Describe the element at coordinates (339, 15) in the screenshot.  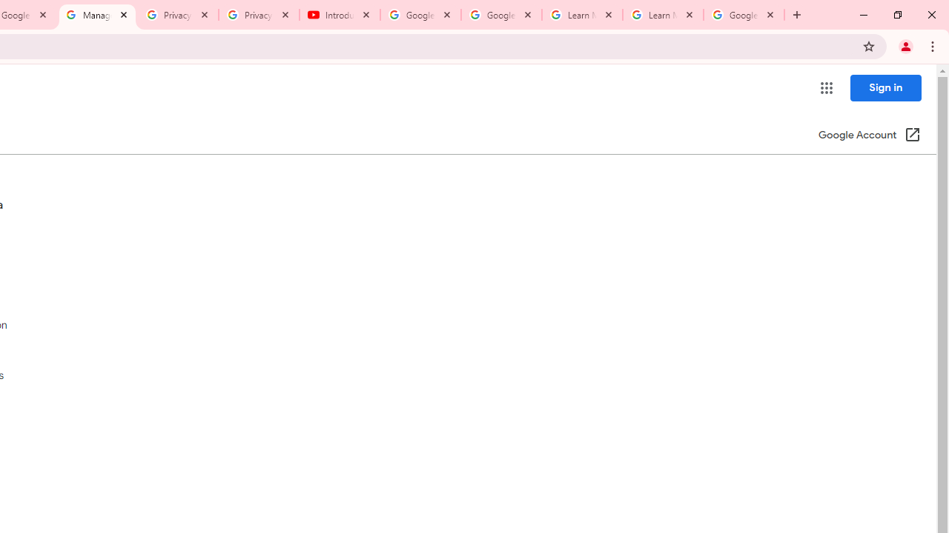
I see `'Introduction | Google Privacy Policy - YouTube'` at that location.